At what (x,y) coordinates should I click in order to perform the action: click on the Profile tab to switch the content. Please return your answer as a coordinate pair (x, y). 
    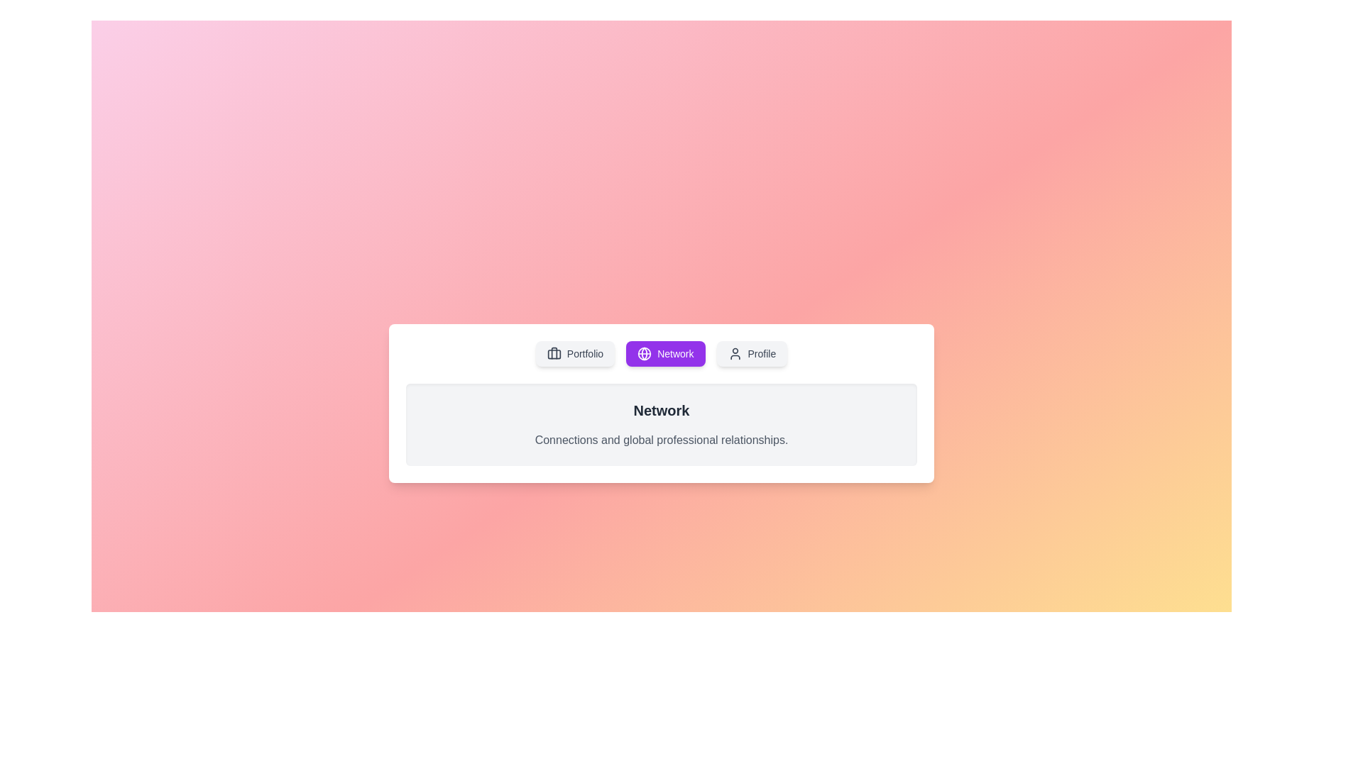
    Looking at the image, I should click on (751, 353).